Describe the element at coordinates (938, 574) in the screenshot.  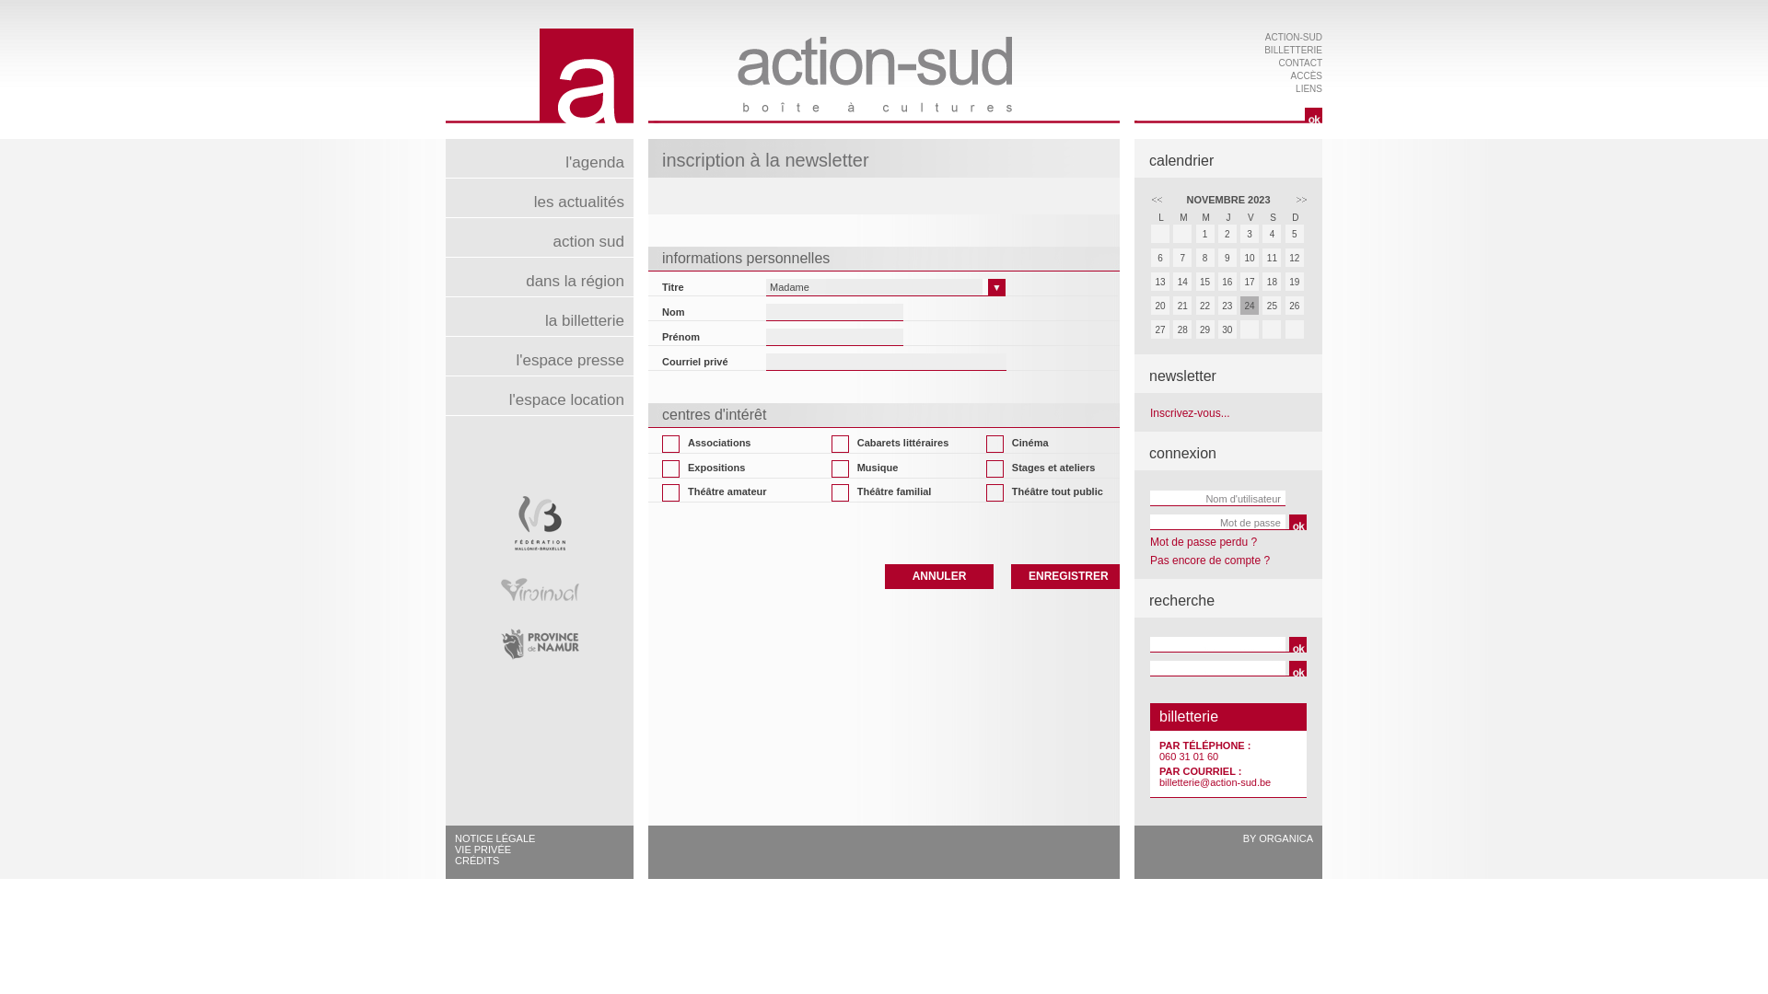
I see `'ANNULER'` at that location.